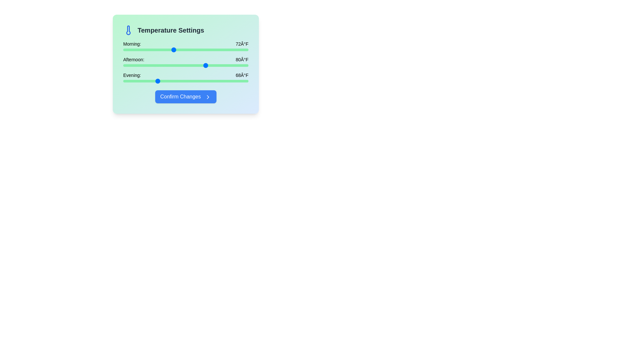  Describe the element at coordinates (143, 50) in the screenshot. I see `the morning temperature slider to 65°F` at that location.